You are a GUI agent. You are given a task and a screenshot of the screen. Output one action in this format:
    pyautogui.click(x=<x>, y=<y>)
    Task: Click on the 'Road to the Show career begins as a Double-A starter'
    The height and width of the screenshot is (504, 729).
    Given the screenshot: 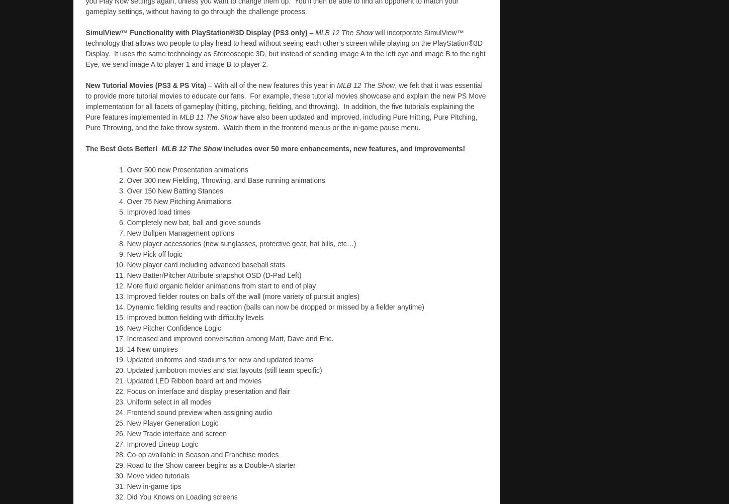 What is the action you would take?
    pyautogui.click(x=210, y=464)
    